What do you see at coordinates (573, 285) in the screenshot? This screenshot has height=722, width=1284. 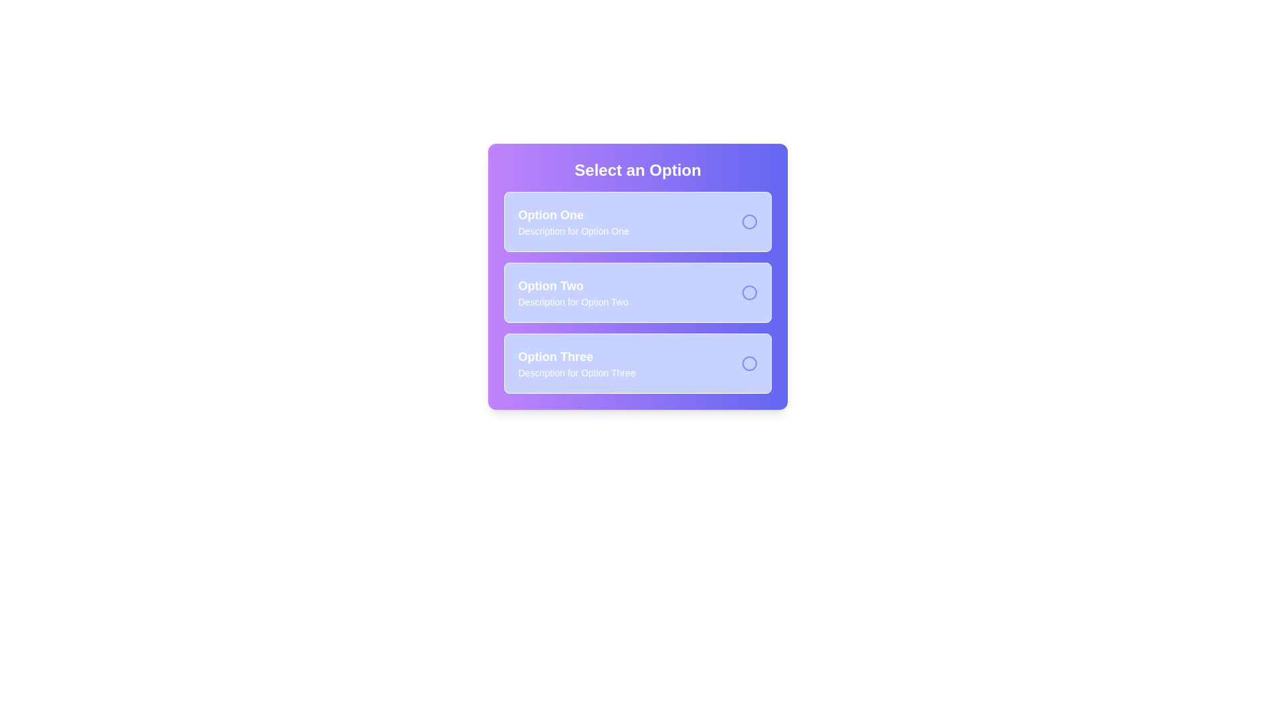 I see `the bold and large-sized text label that reads 'Option Two', which is part of a selection interface in the second entry of a vertically aligned list` at bounding box center [573, 285].